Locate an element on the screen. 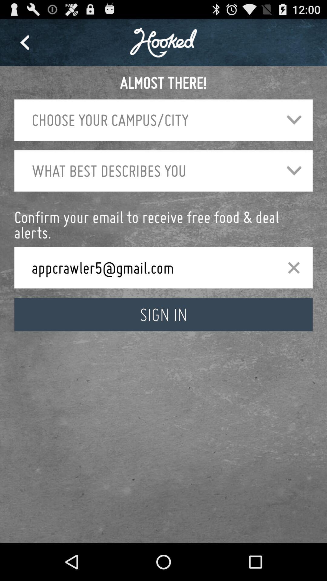 The image size is (327, 581). the close icon is located at coordinates (293, 286).